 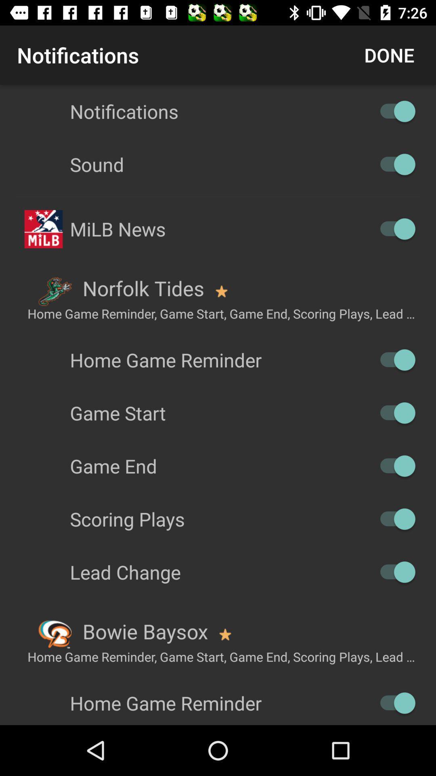 I want to click on lead change option, so click(x=393, y=571).